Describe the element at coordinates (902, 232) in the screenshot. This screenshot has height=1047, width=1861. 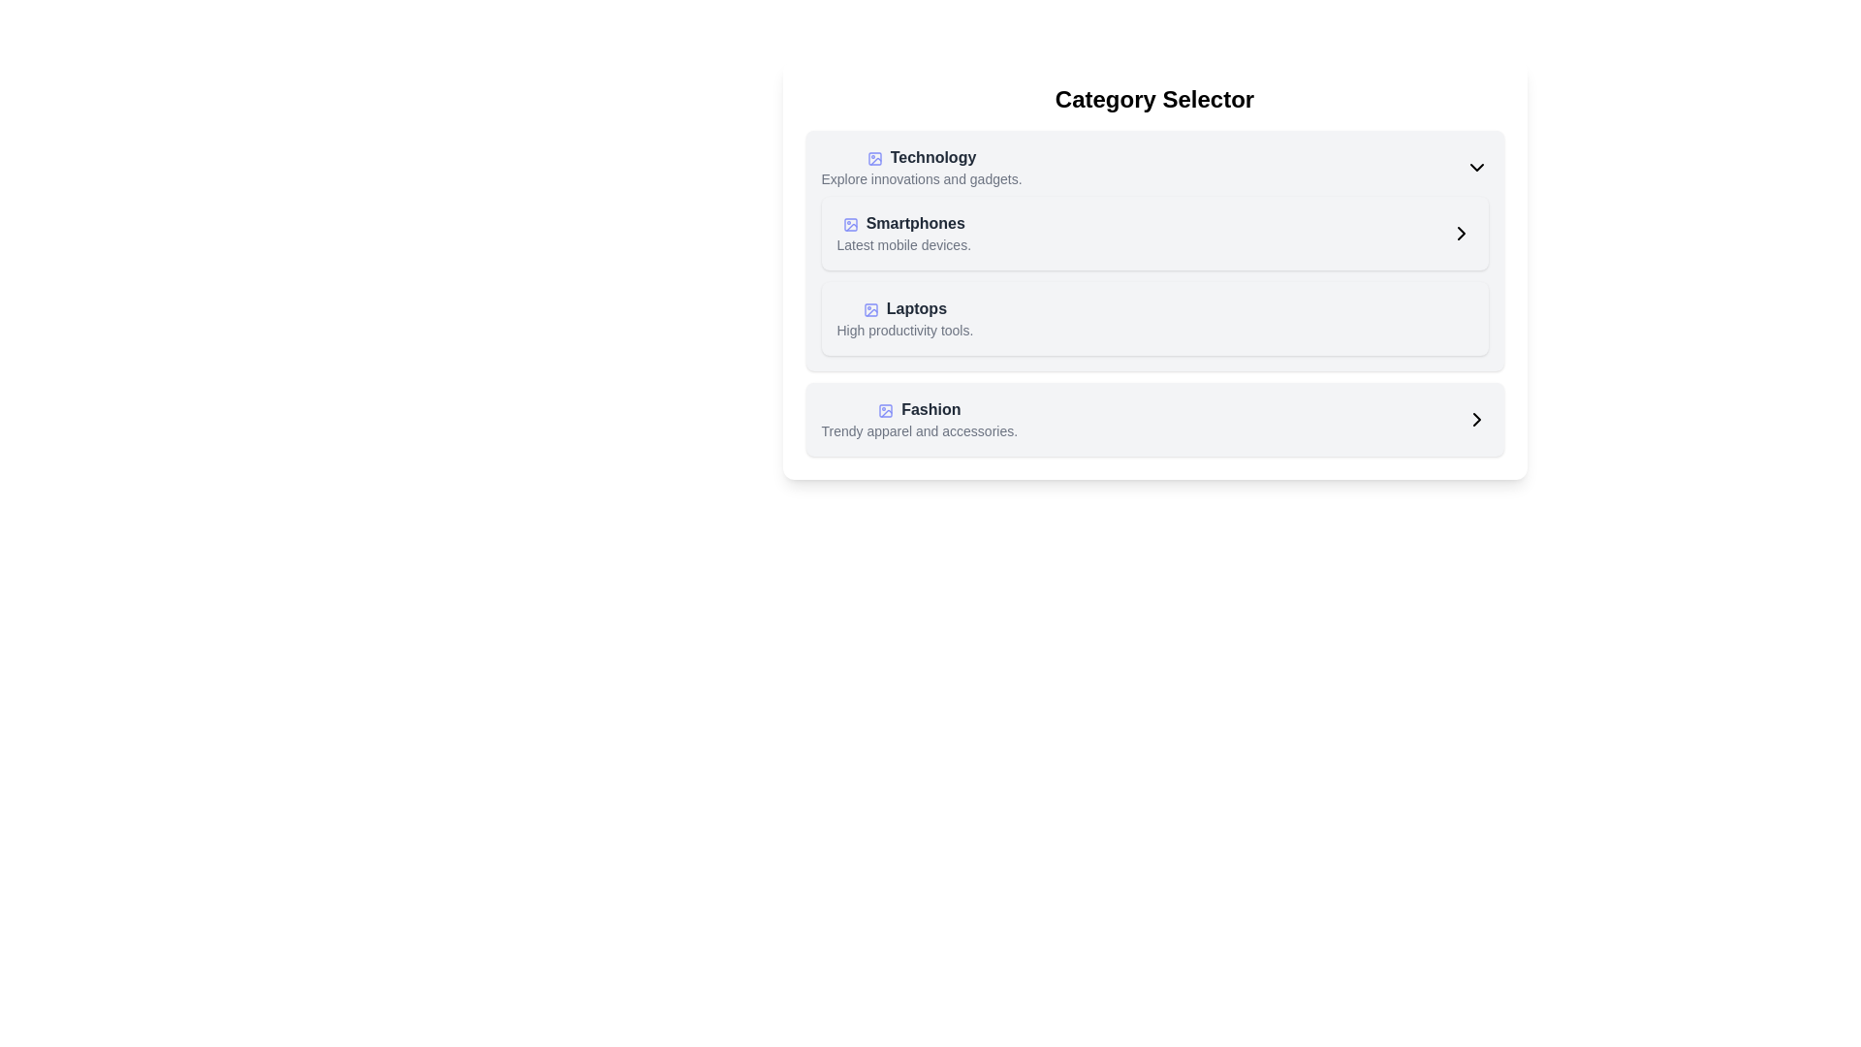
I see `the 'Smartphones' category selector item located beneath the 'Technology' heading` at that location.